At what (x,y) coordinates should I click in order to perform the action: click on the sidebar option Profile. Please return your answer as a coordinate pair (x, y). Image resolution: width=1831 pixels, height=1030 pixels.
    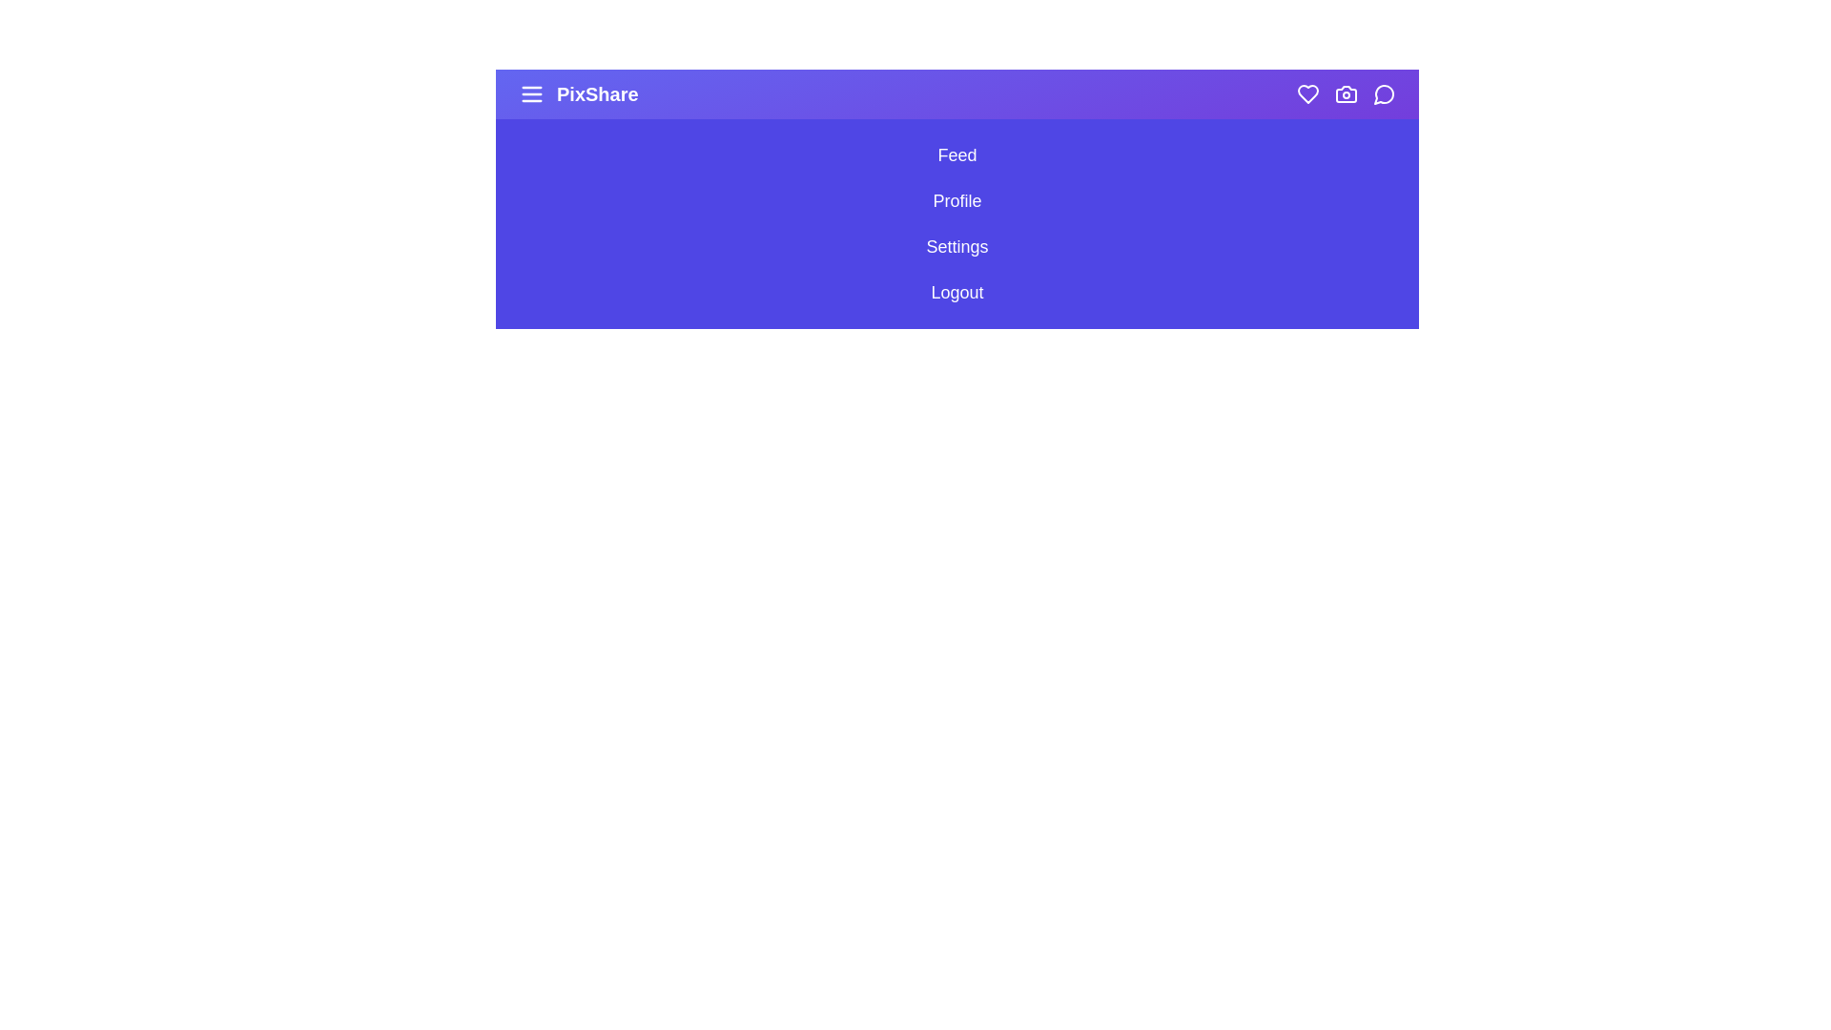
    Looking at the image, I should click on (957, 201).